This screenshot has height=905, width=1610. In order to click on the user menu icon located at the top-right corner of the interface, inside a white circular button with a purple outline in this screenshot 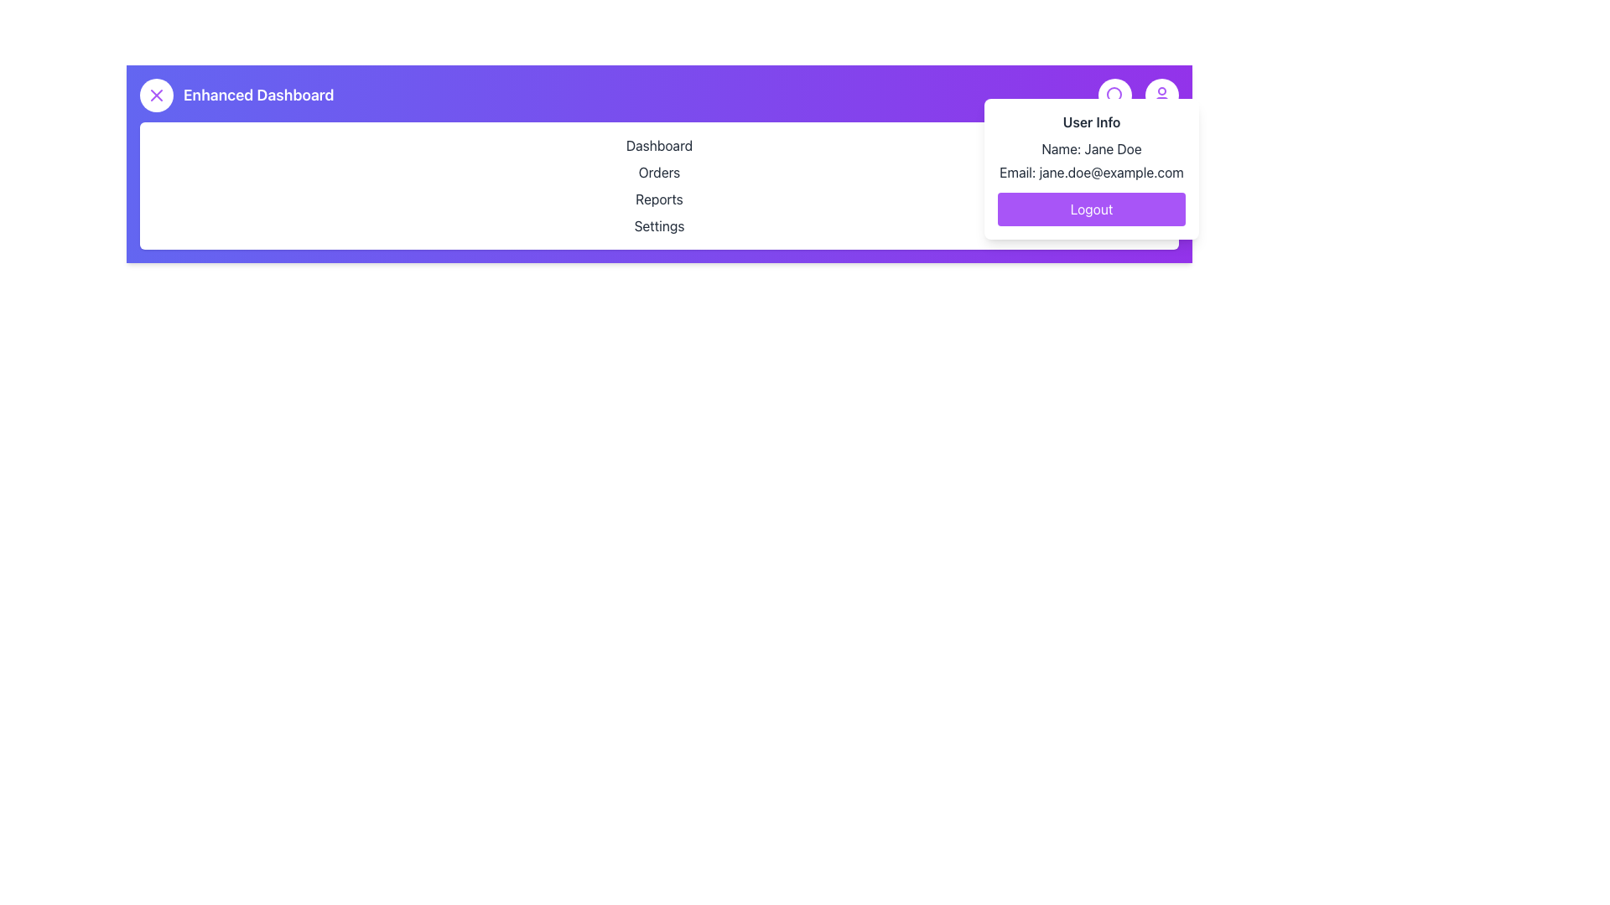, I will do `click(1161, 96)`.